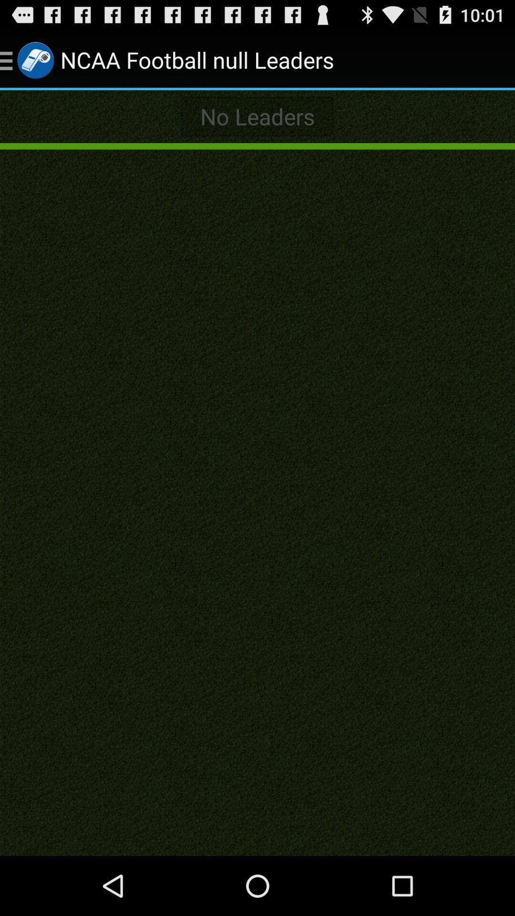 This screenshot has height=916, width=515. I want to click on the no leaders, so click(257, 116).